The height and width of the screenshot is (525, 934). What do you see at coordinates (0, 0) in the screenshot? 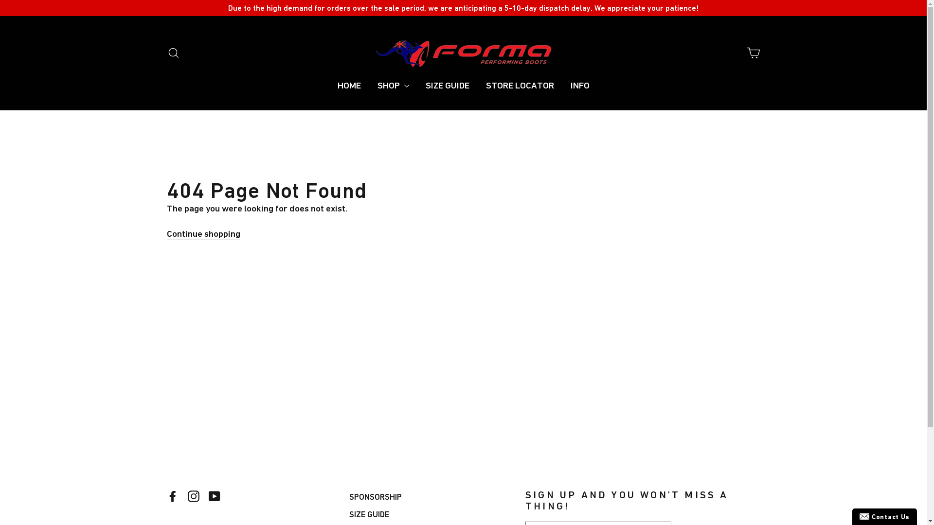
I see `'Skip to content'` at bounding box center [0, 0].